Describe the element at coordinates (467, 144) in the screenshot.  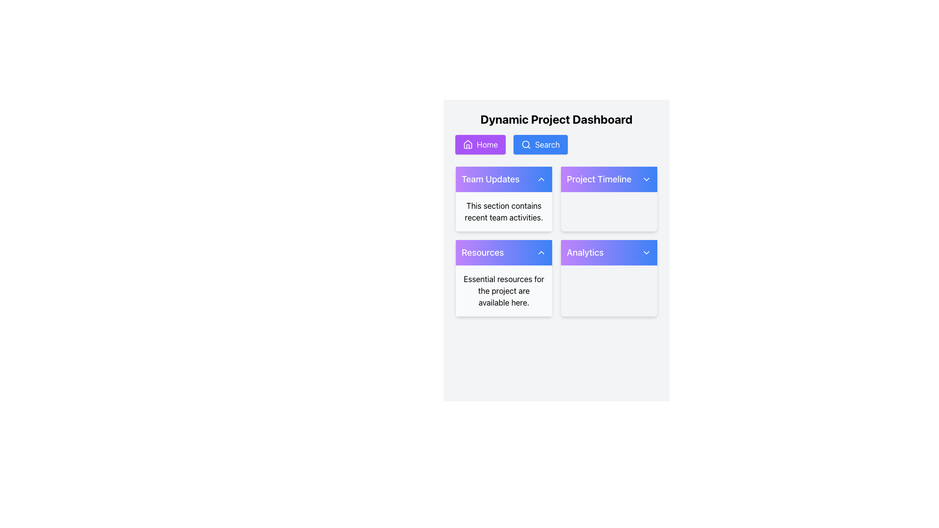
I see `the 'Home' icon located to the left of the 'Home' text in the upper purple button` at that location.